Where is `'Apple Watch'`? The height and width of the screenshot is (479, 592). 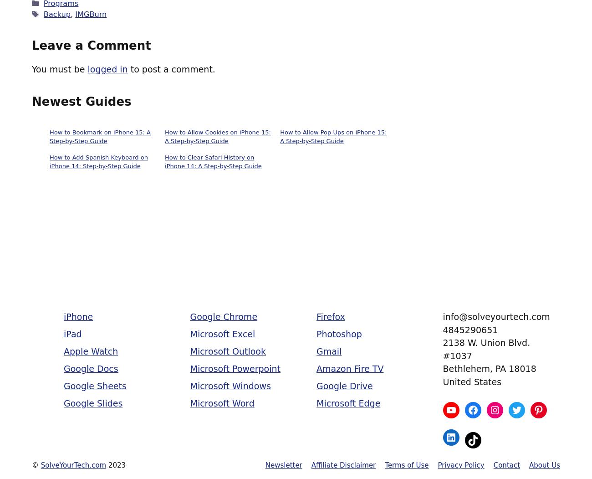 'Apple Watch' is located at coordinates (91, 351).